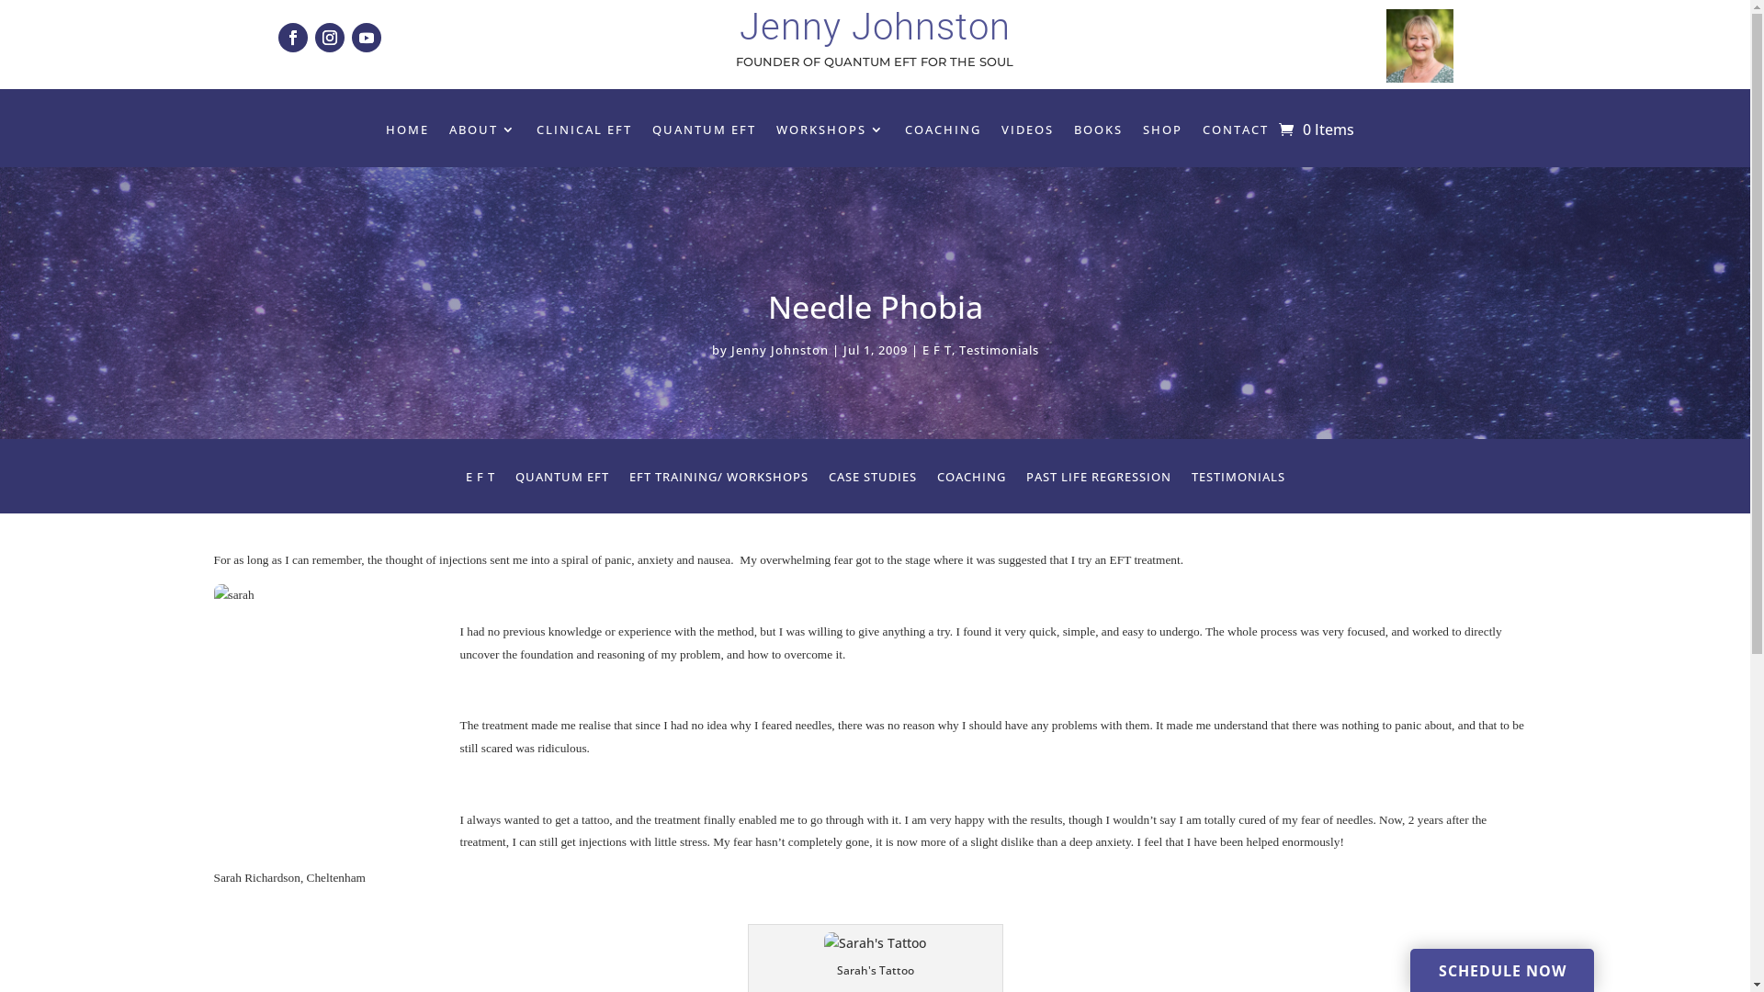  What do you see at coordinates (1098, 132) in the screenshot?
I see `'BOOKS'` at bounding box center [1098, 132].